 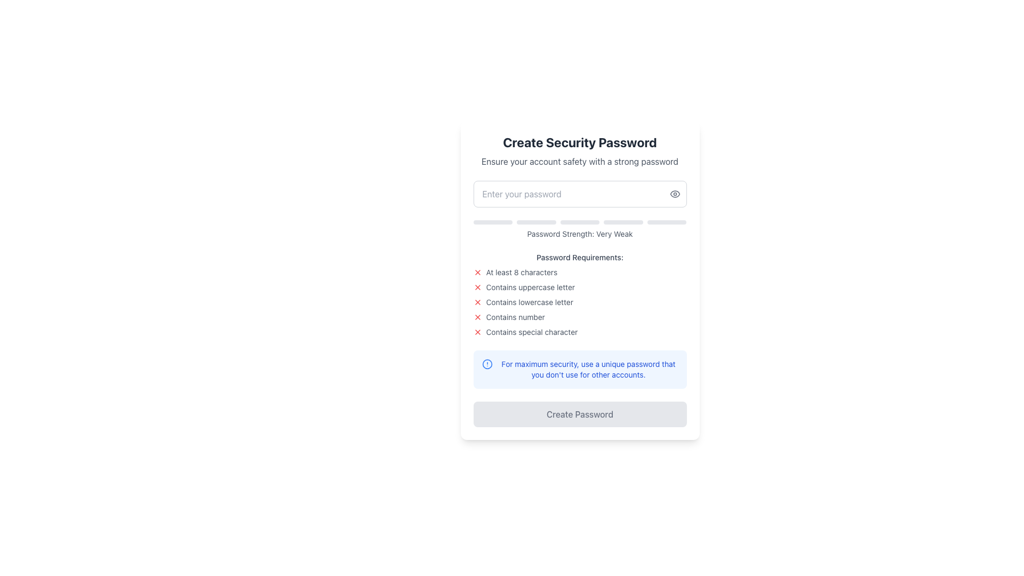 I want to click on label of the button with the text 'Create Password', which is located at the bottom of the 'Create Security Password' layout, so click(x=579, y=413).